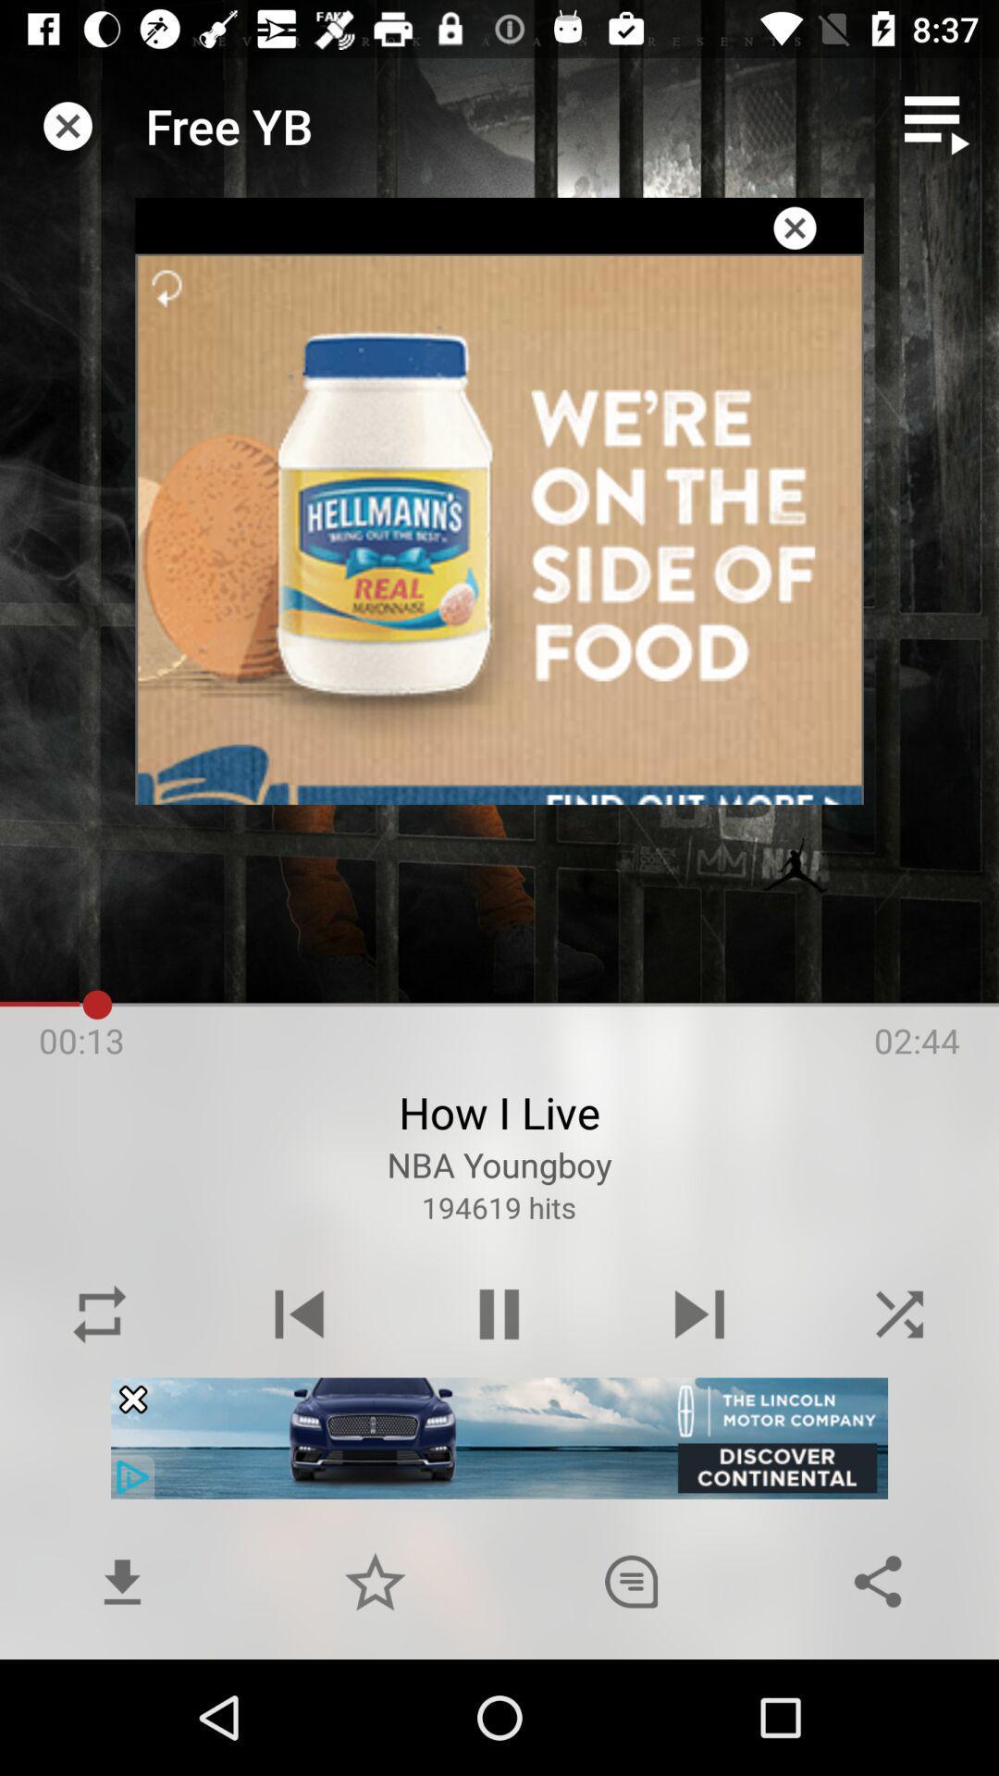 The image size is (999, 1776). Describe the element at coordinates (630, 1580) in the screenshot. I see `the chat icon` at that location.